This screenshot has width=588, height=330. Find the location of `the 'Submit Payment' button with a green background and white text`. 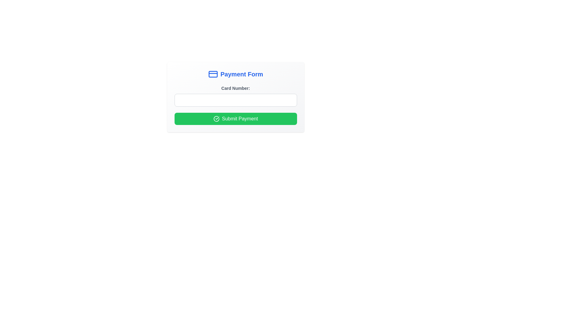

the 'Submit Payment' button with a green background and white text is located at coordinates (235, 119).